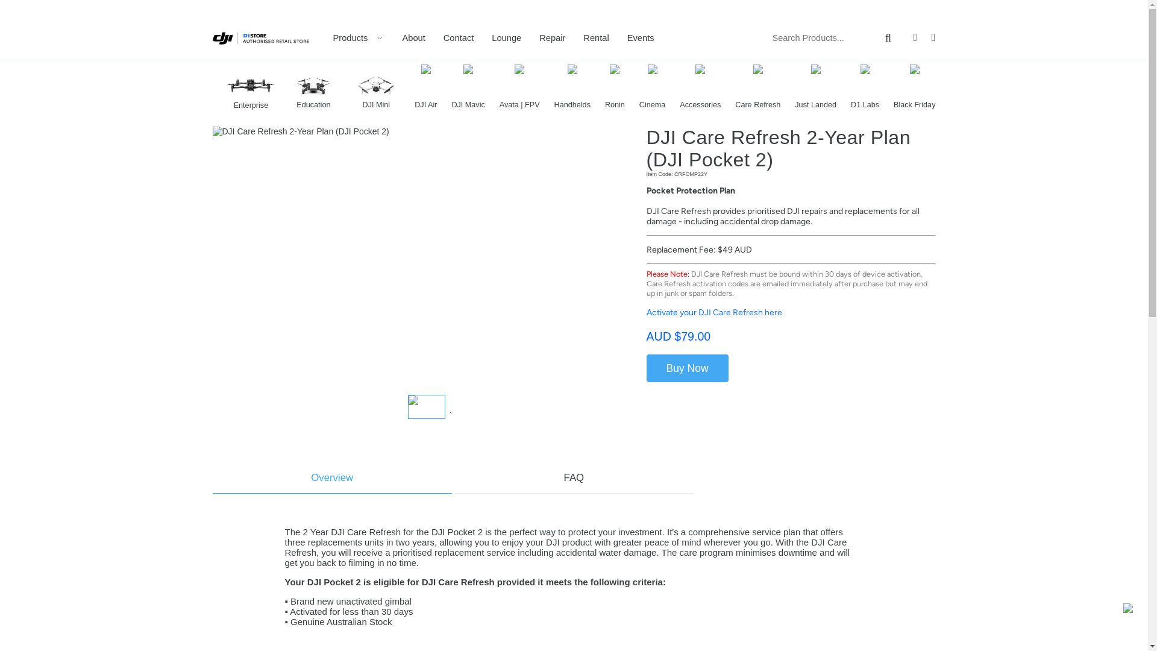  Describe the element at coordinates (627, 37) in the screenshot. I see `'Events'` at that location.